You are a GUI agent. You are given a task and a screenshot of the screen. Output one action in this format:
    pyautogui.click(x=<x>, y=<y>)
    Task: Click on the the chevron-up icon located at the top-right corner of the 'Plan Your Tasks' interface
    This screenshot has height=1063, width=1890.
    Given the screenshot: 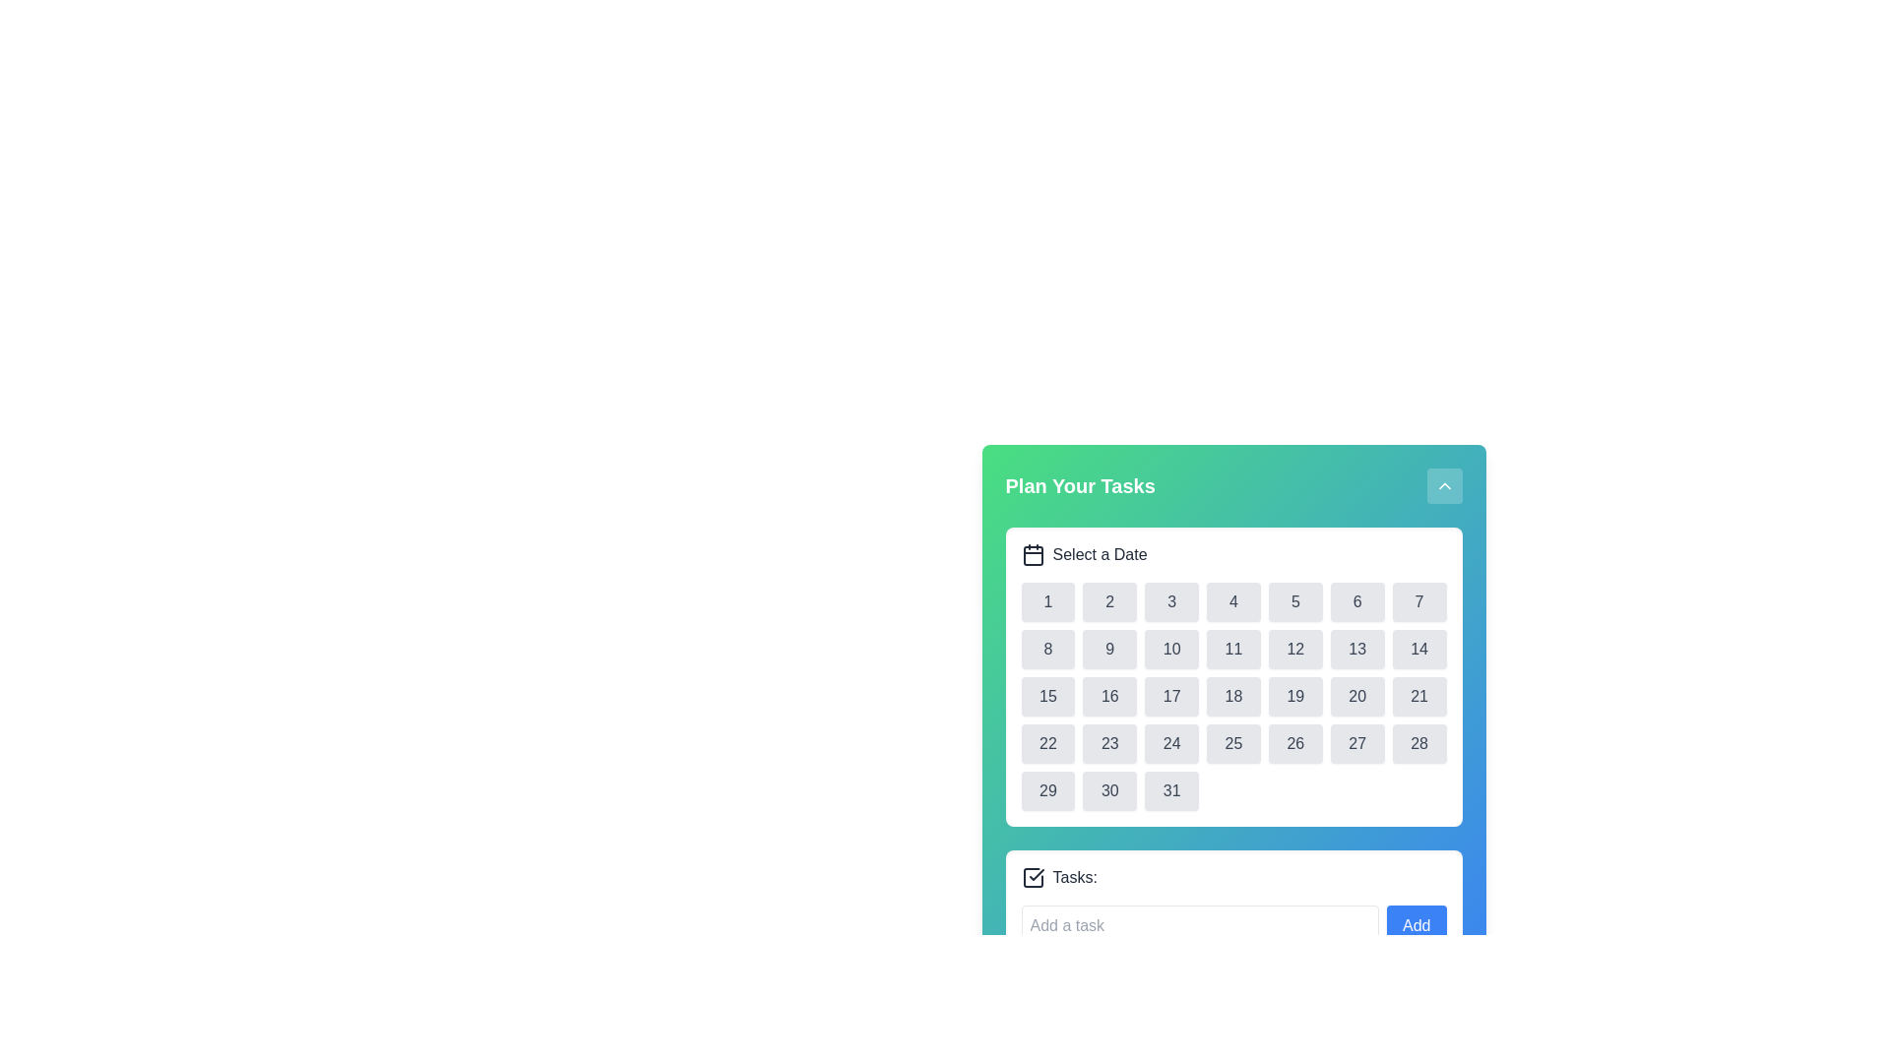 What is the action you would take?
    pyautogui.click(x=1444, y=485)
    